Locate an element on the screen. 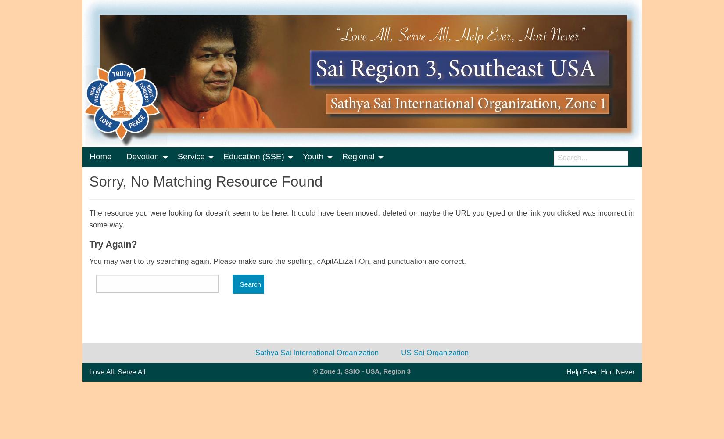 This screenshot has width=724, height=439. 'US Sai Organization' is located at coordinates (401, 352).